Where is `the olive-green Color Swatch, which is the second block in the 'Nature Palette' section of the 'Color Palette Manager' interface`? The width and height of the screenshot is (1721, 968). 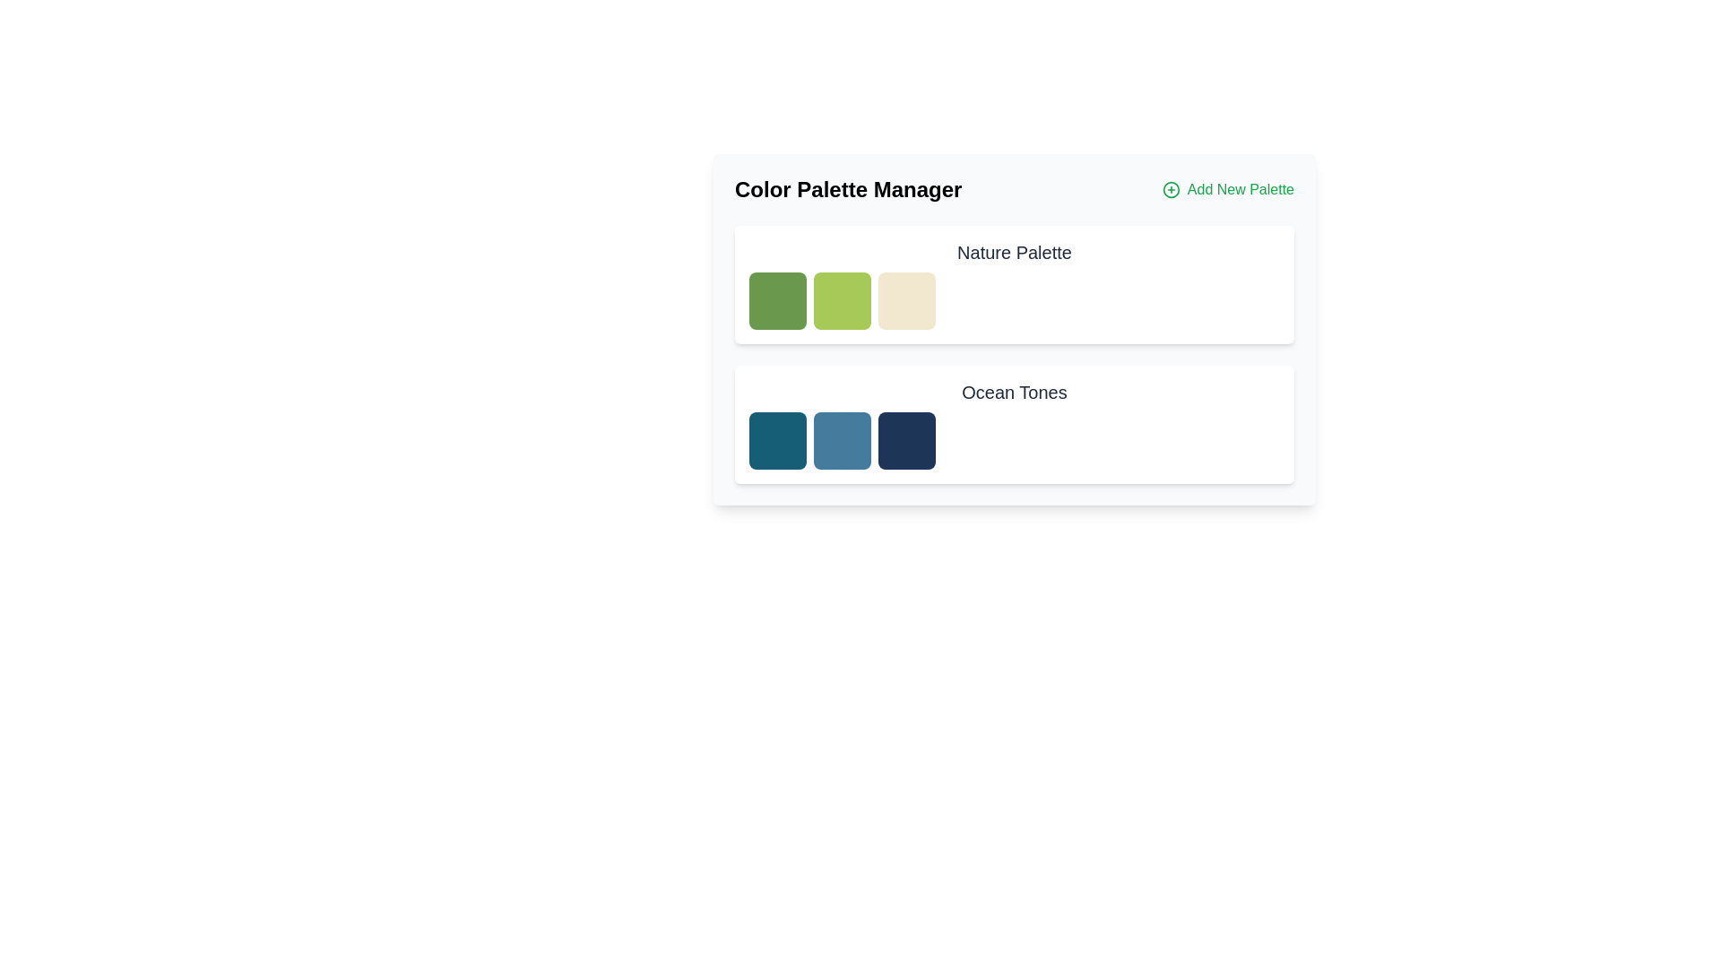
the olive-green Color Swatch, which is the second block in the 'Nature Palette' section of the 'Color Palette Manager' interface is located at coordinates (842, 299).